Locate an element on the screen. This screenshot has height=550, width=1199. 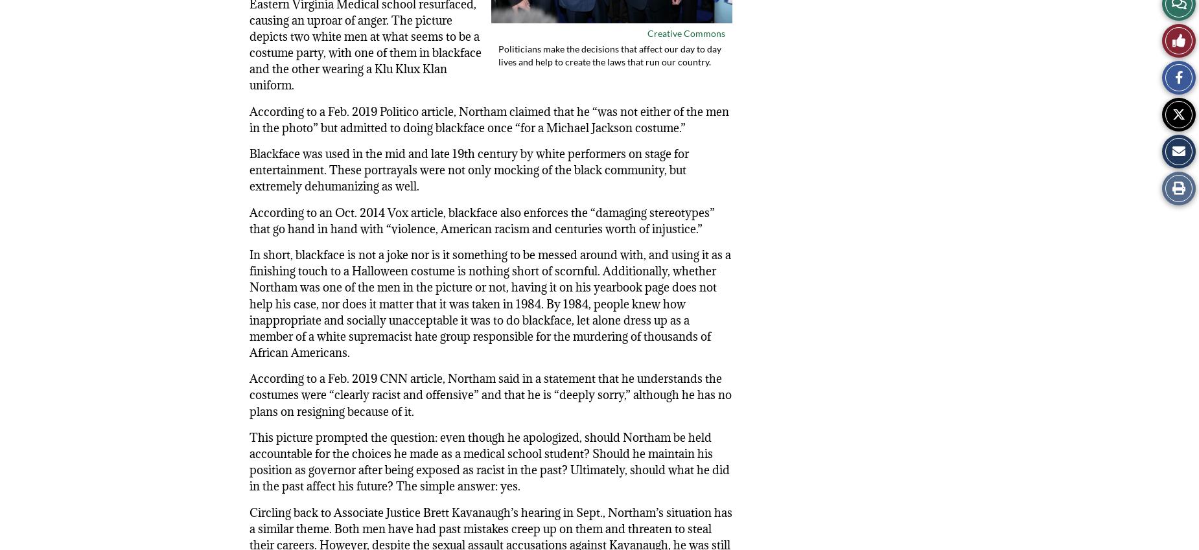
'According to an Oct. 2014 Vox article, blackface also enforces the “damaging stereotypes” that go hand in hand with “violence, American racism and centuries worth of injustice.”' is located at coordinates (482, 220).